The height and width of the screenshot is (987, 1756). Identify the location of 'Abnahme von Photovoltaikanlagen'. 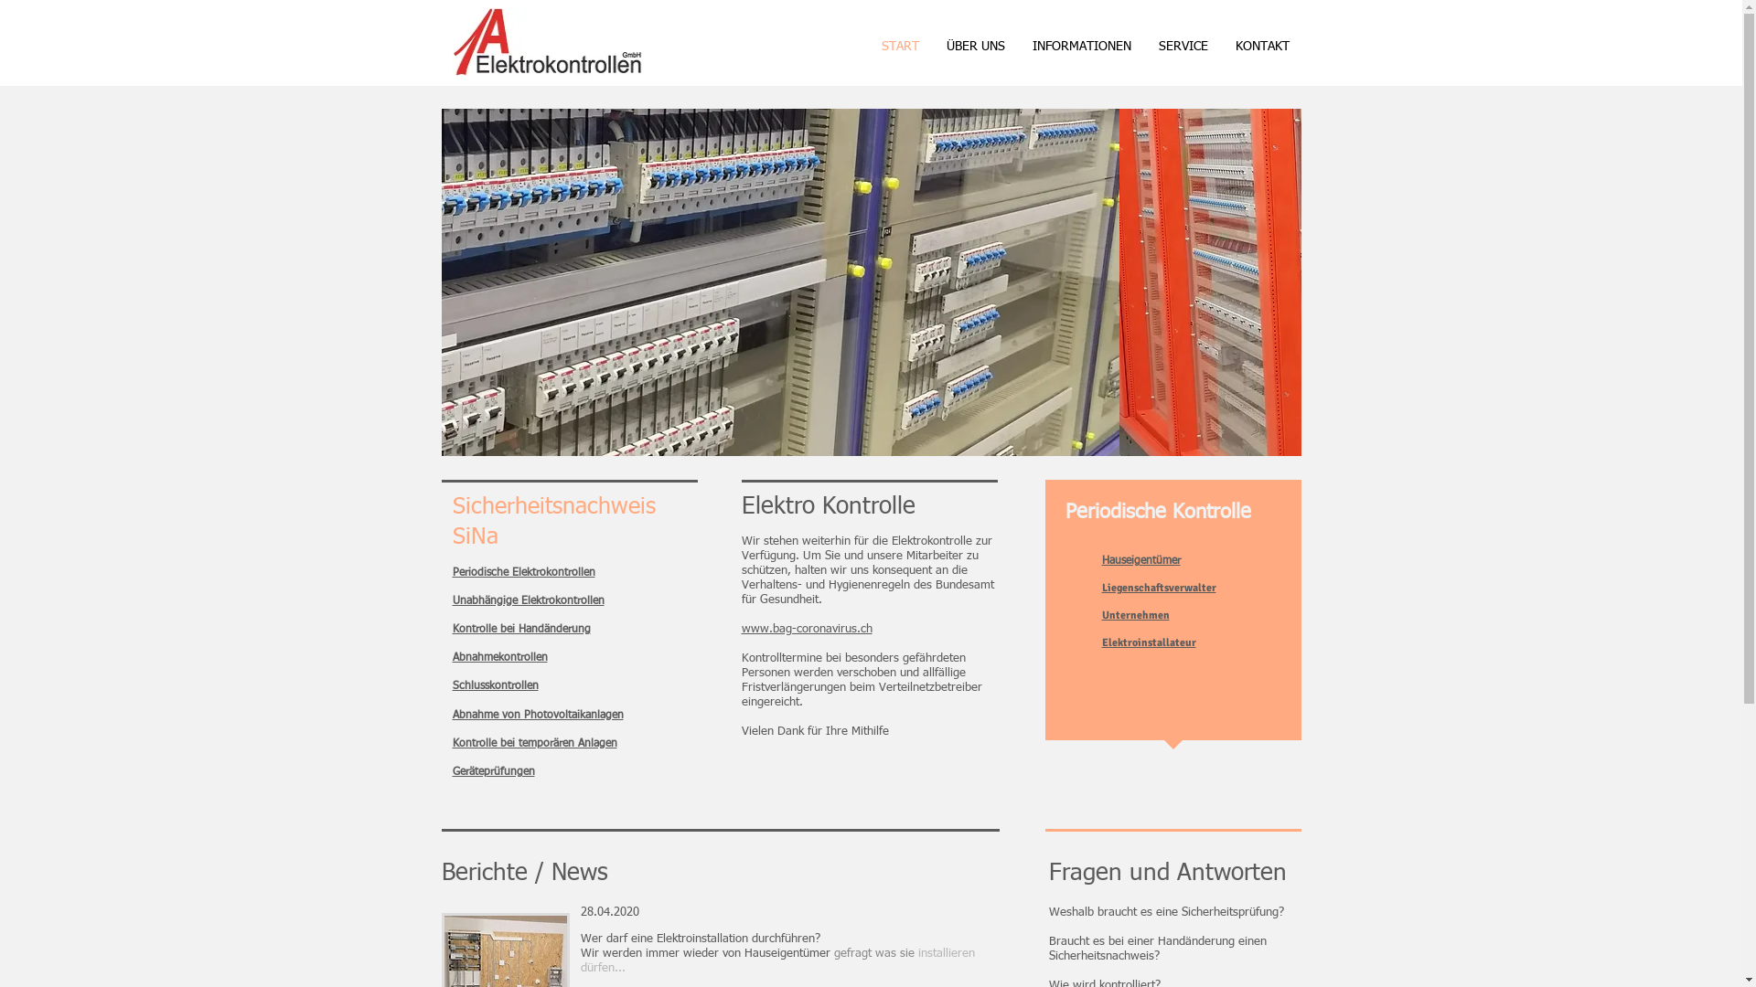
(536, 715).